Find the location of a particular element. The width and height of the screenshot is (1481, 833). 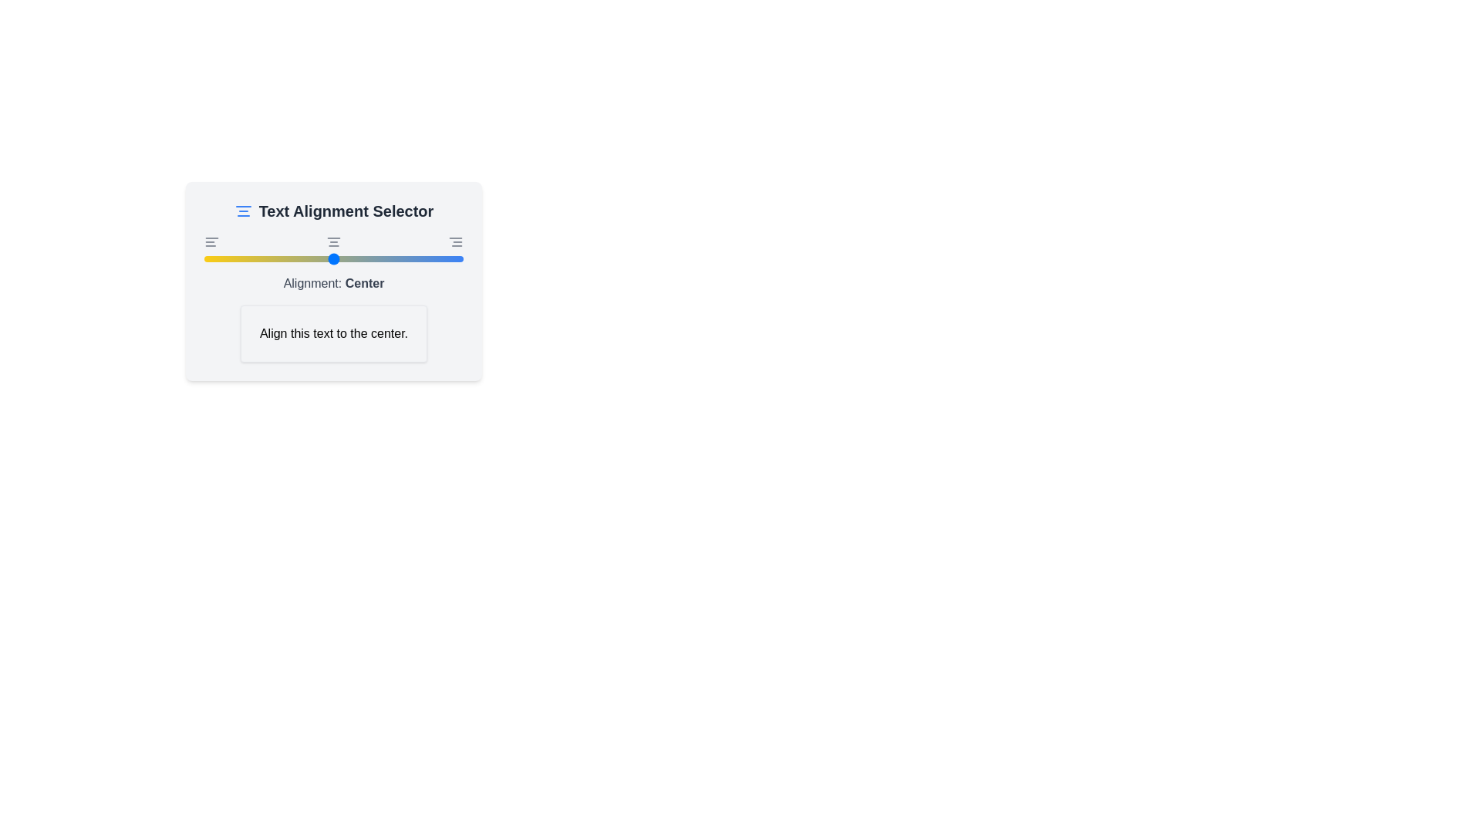

the alignment icon to set alignment to right is located at coordinates (454, 241).